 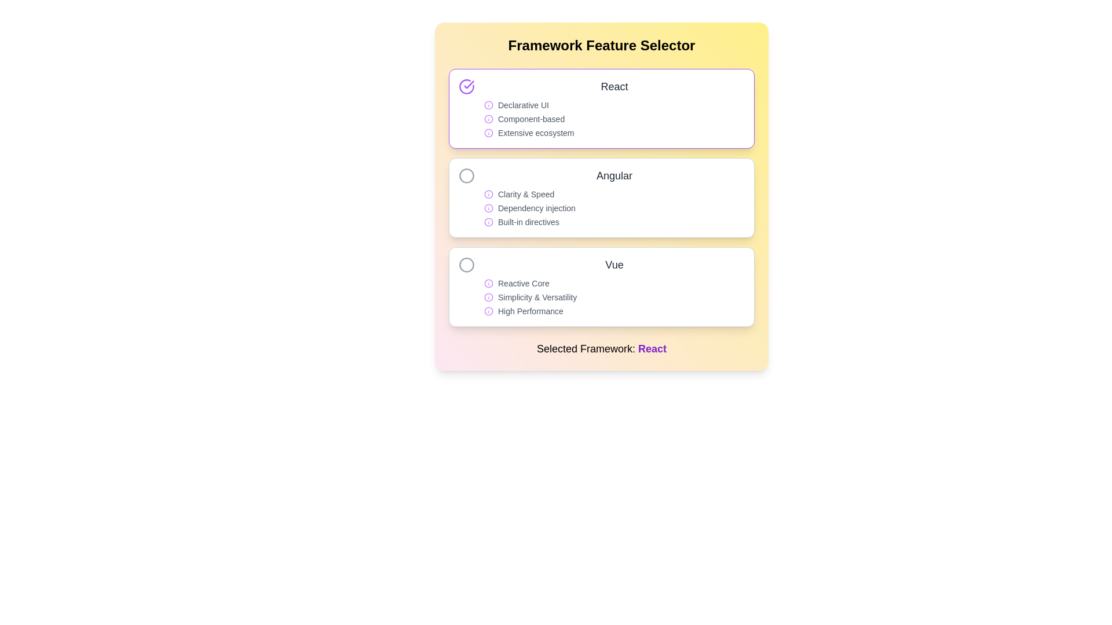 I want to click on the Information Card representing the features of the 'Vue' framework in the framework selection interface, located below the cards for 'React' and 'Angular', so click(x=613, y=286).